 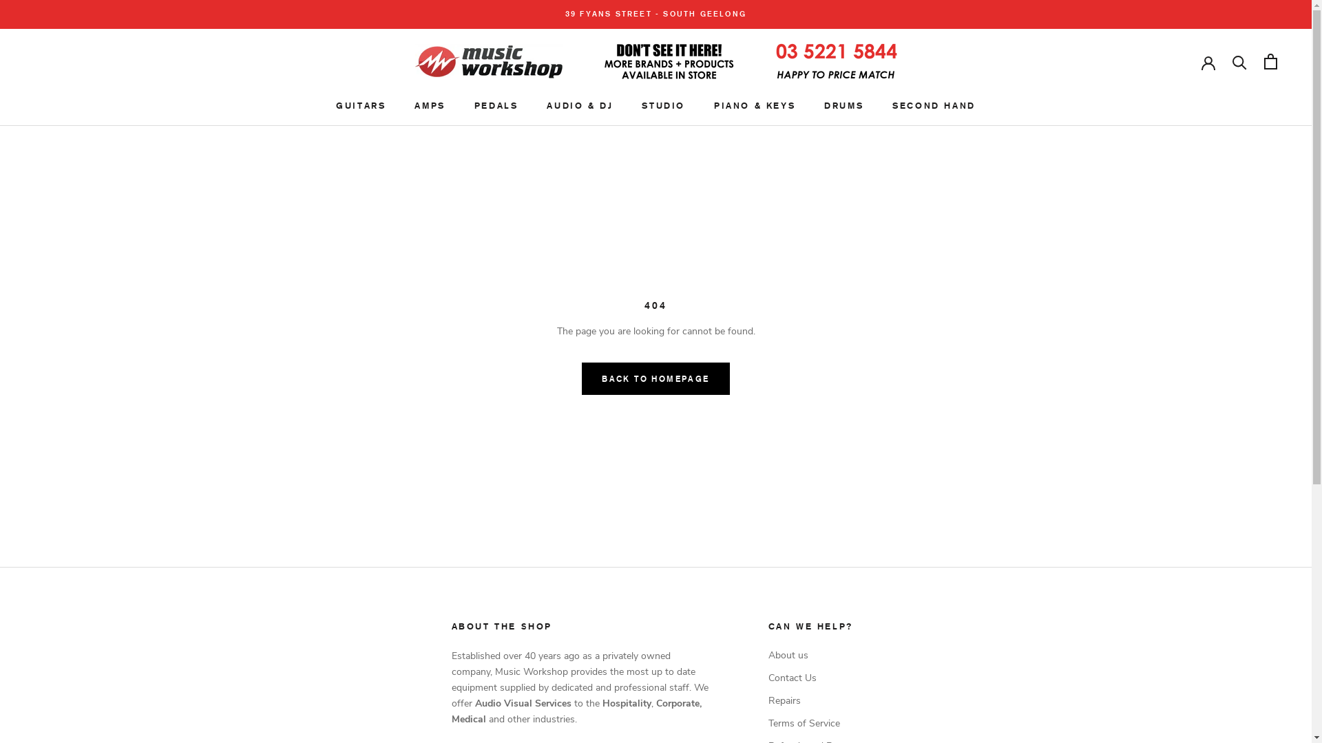 What do you see at coordinates (814, 677) in the screenshot?
I see `'Contact Us'` at bounding box center [814, 677].